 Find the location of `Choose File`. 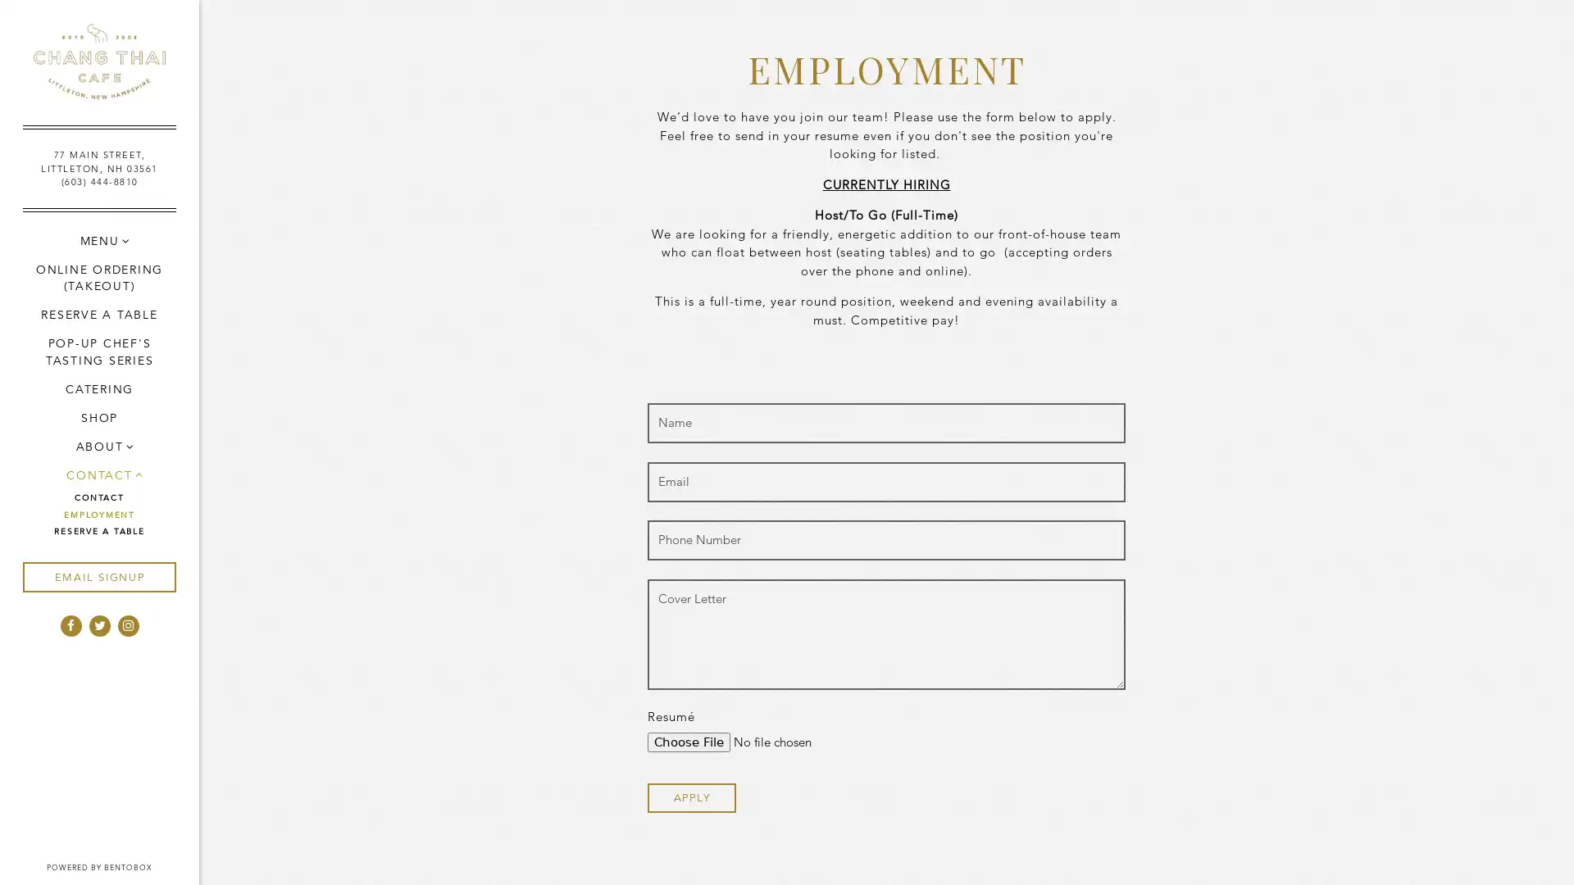

Choose File is located at coordinates (688, 742).